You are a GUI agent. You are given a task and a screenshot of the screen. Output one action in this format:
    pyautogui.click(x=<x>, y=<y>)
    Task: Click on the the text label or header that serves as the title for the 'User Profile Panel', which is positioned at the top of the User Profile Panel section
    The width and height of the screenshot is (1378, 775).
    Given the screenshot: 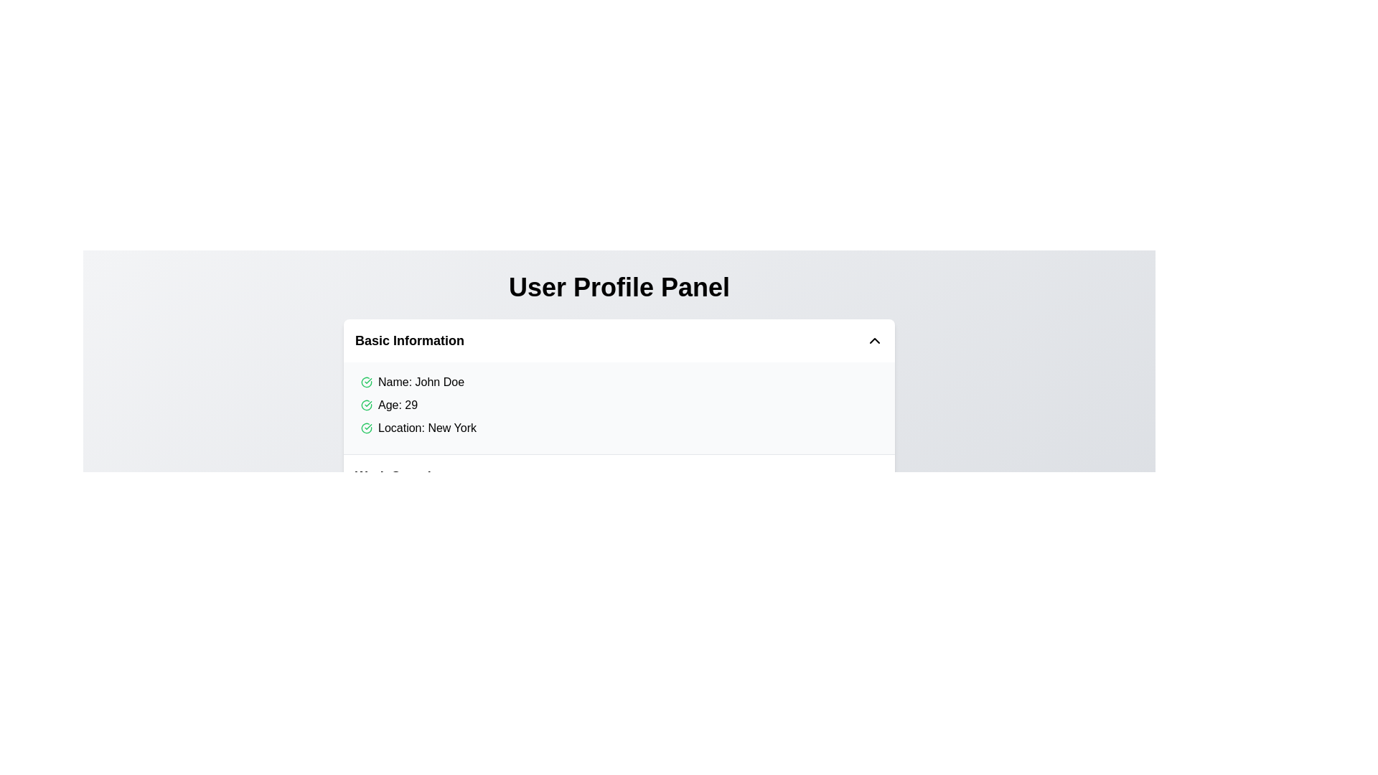 What is the action you would take?
    pyautogui.click(x=619, y=288)
    